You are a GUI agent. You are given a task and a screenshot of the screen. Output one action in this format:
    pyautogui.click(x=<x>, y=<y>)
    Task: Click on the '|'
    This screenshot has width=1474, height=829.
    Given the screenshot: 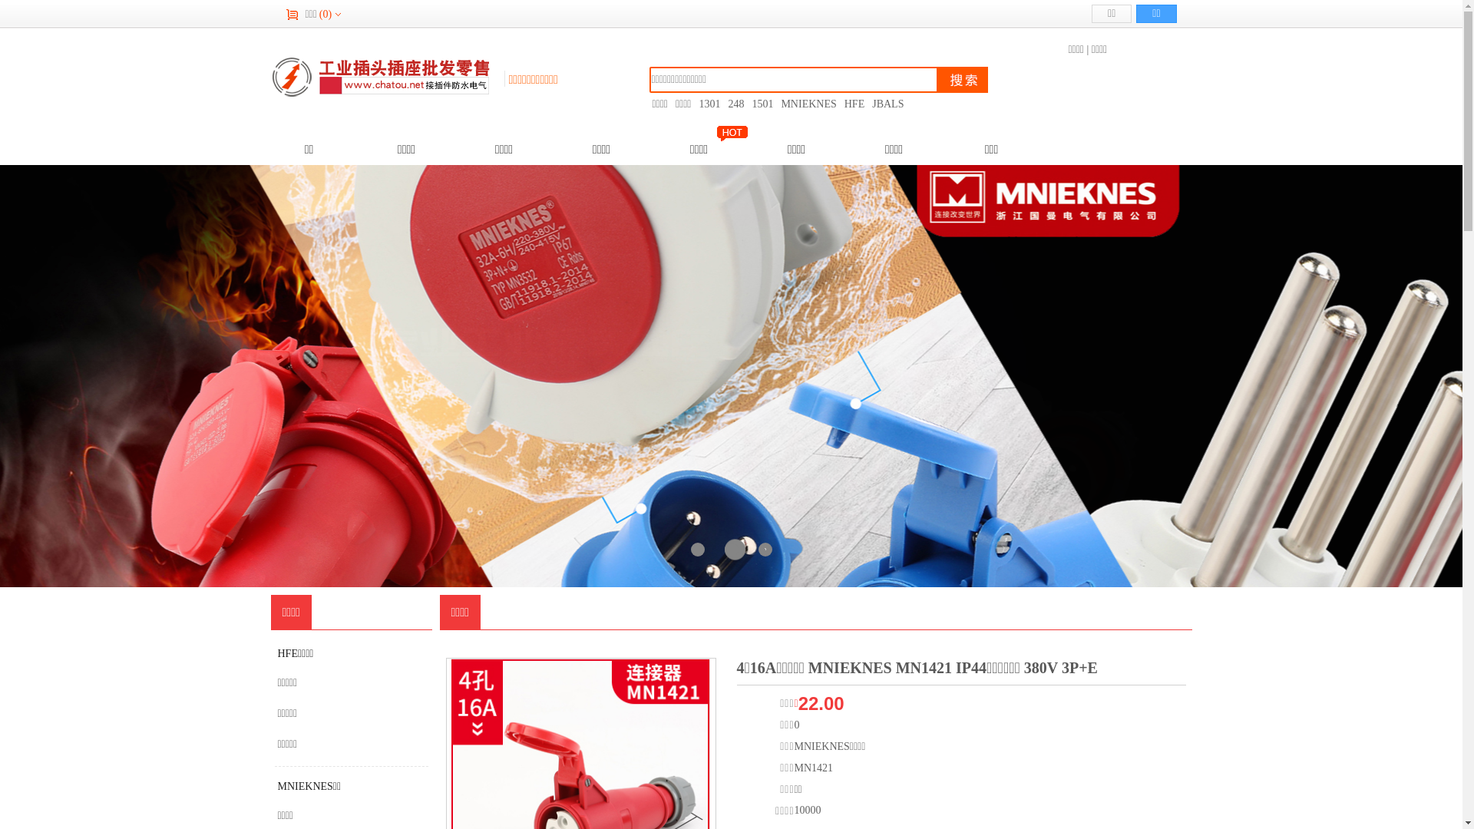 What is the action you would take?
    pyautogui.click(x=1086, y=48)
    